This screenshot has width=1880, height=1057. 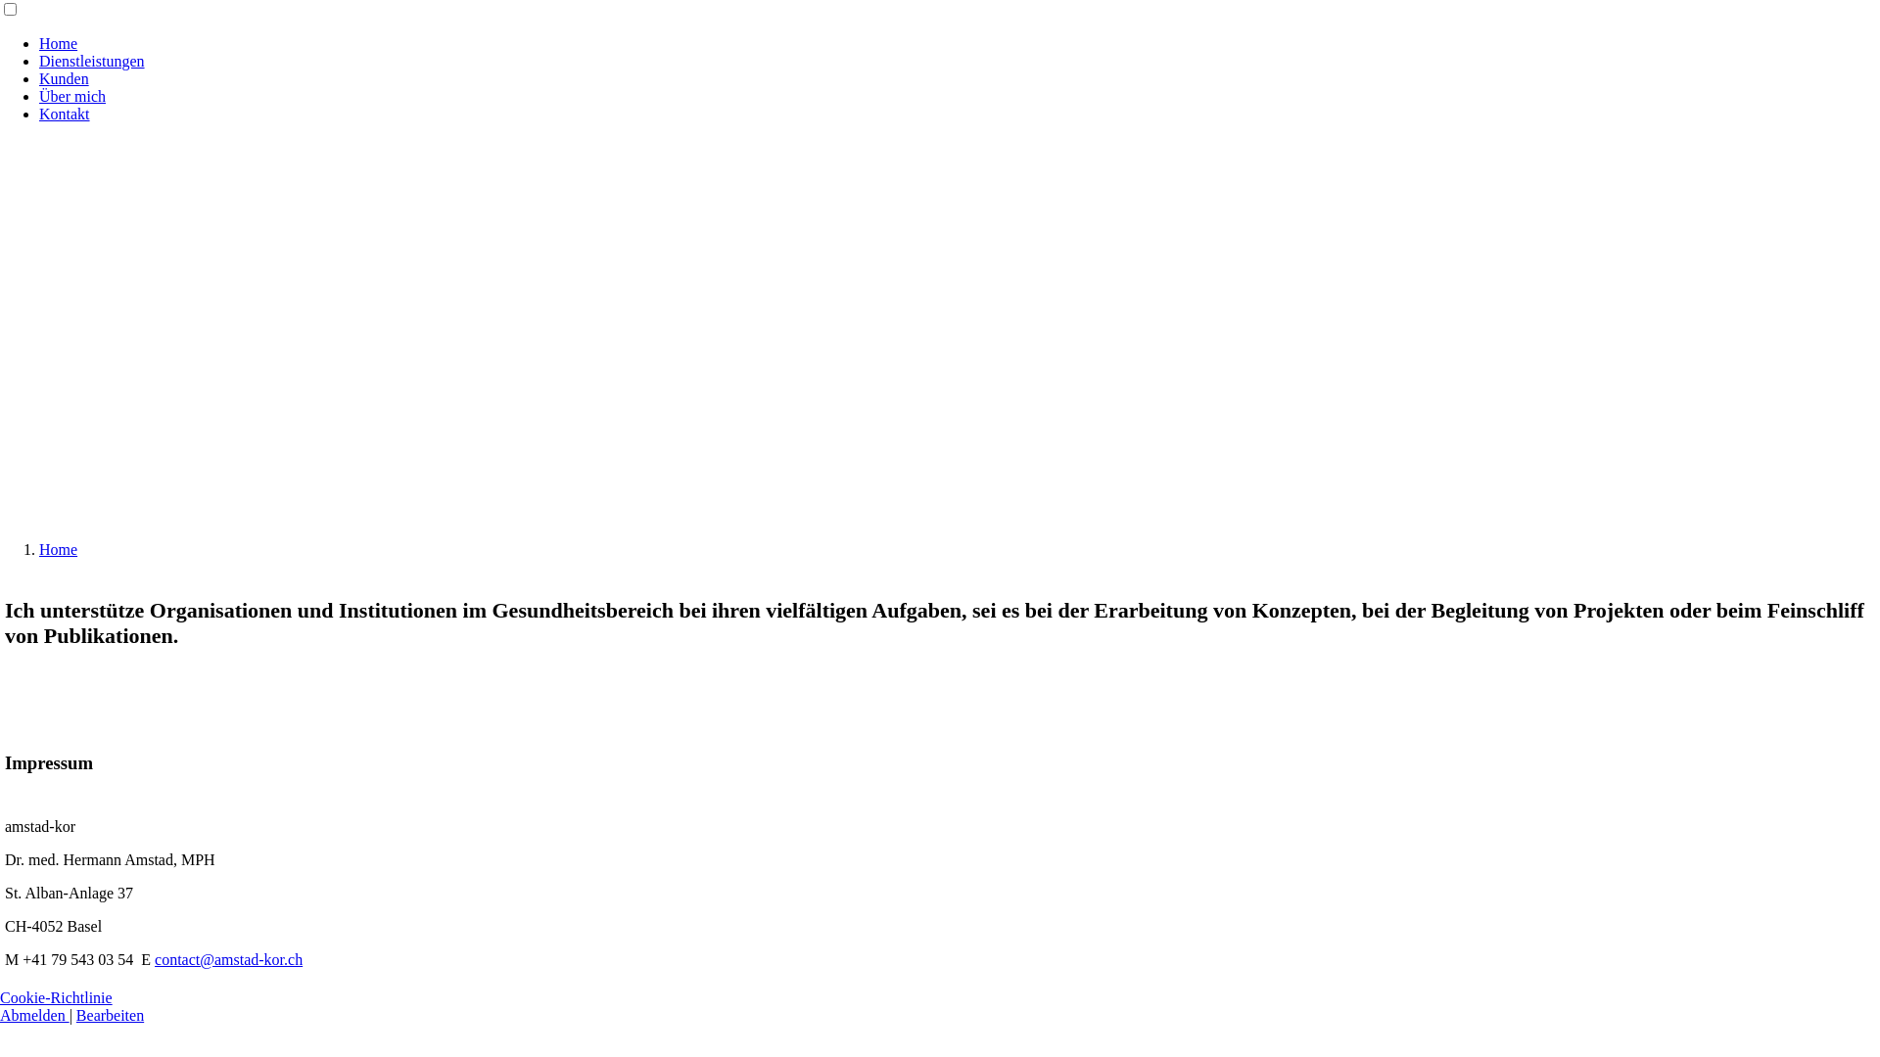 I want to click on 'Home', so click(x=38, y=549).